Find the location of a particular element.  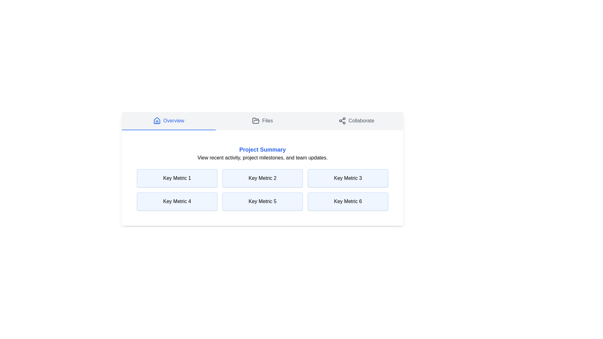

the 'Files' icon located in the top navigation bar is located at coordinates (256, 121).